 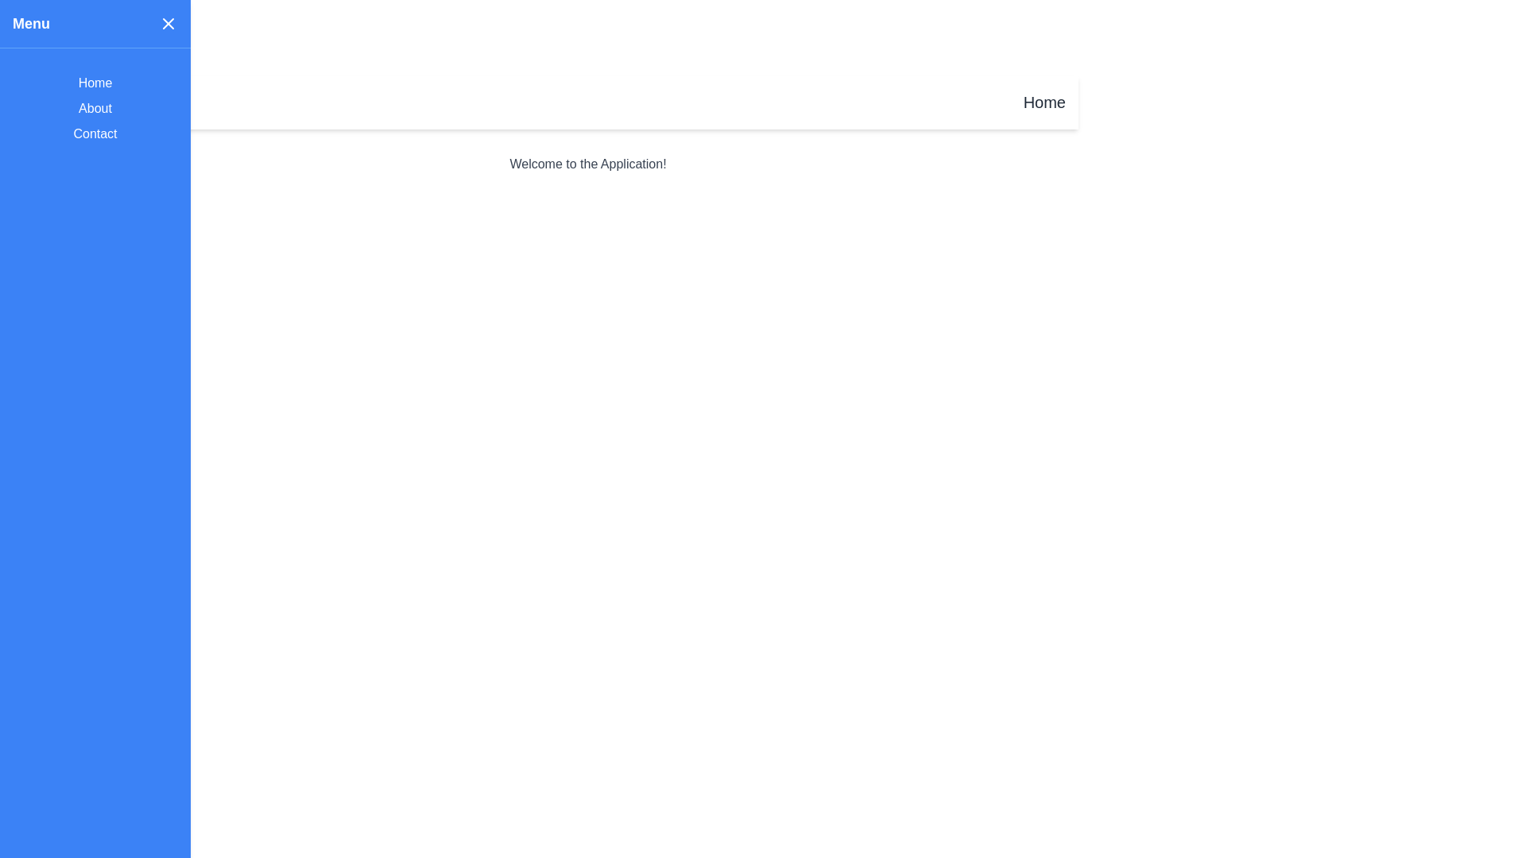 What do you see at coordinates (95, 83) in the screenshot?
I see `the 'Home' text link located in the side menu panel` at bounding box center [95, 83].